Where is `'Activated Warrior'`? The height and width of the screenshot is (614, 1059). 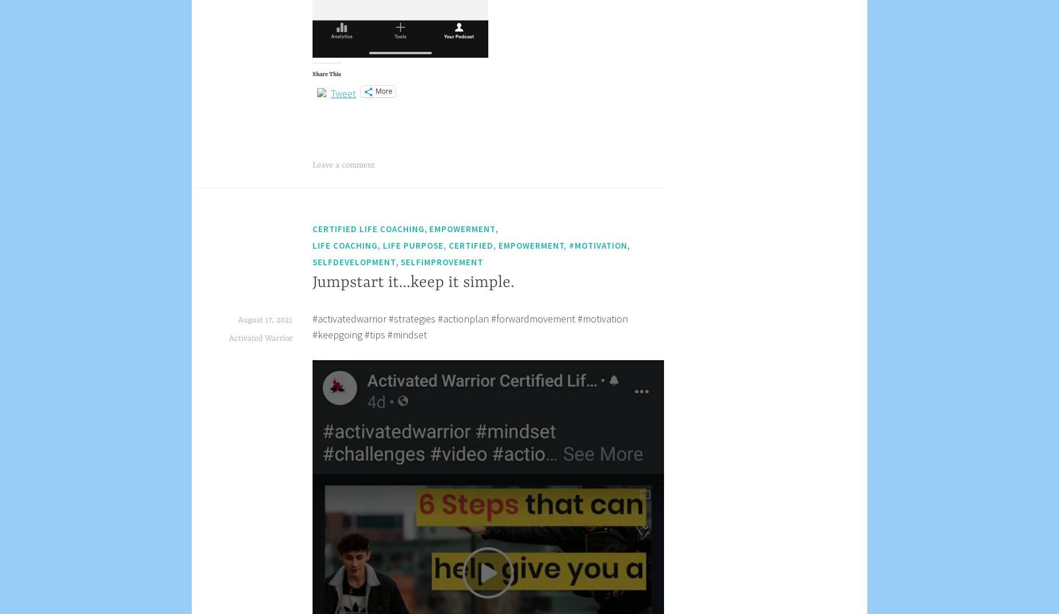 'Activated Warrior' is located at coordinates (260, 337).